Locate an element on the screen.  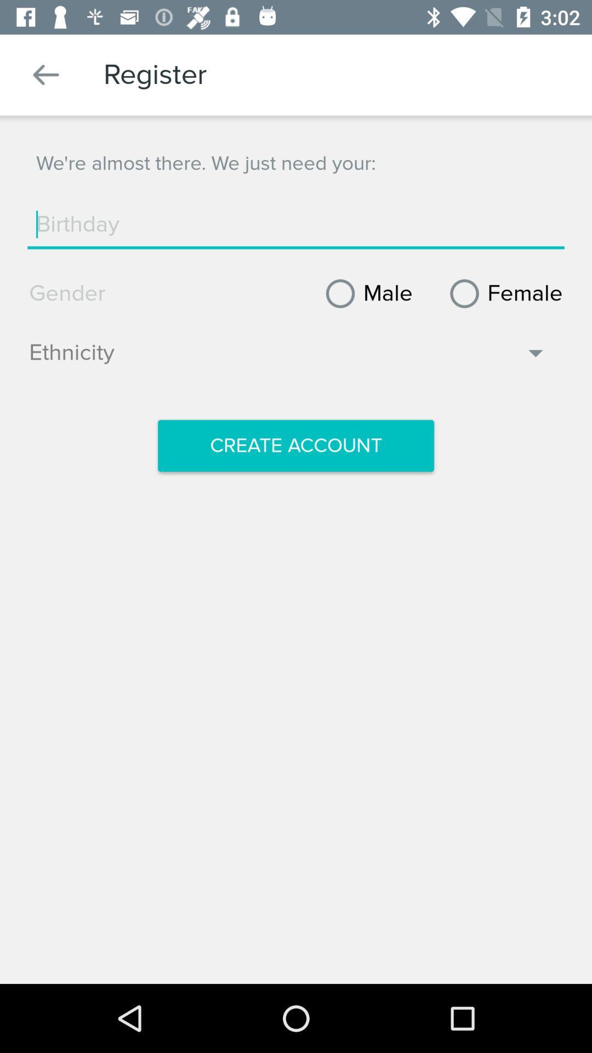
the male item is located at coordinates (365, 293).